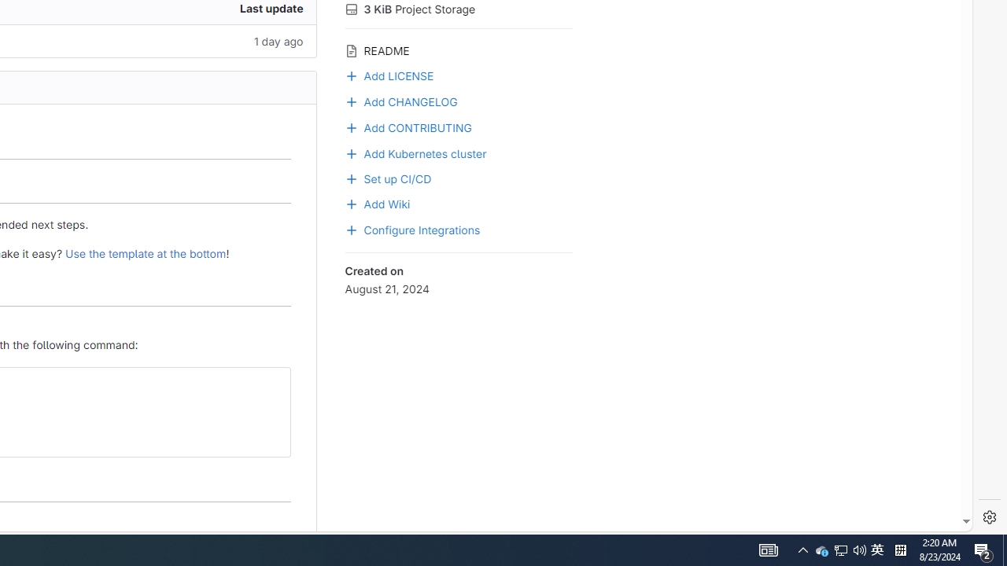 The width and height of the screenshot is (1007, 566). What do you see at coordinates (458, 75) in the screenshot?
I see `'Add LICENSE'` at bounding box center [458, 75].